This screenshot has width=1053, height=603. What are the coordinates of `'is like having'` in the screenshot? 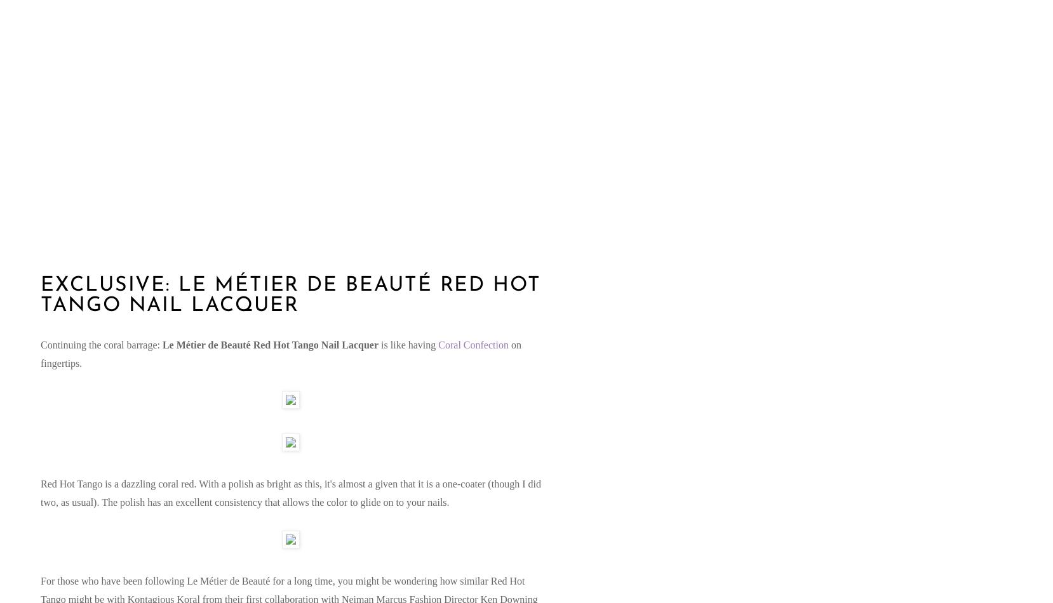 It's located at (378, 344).